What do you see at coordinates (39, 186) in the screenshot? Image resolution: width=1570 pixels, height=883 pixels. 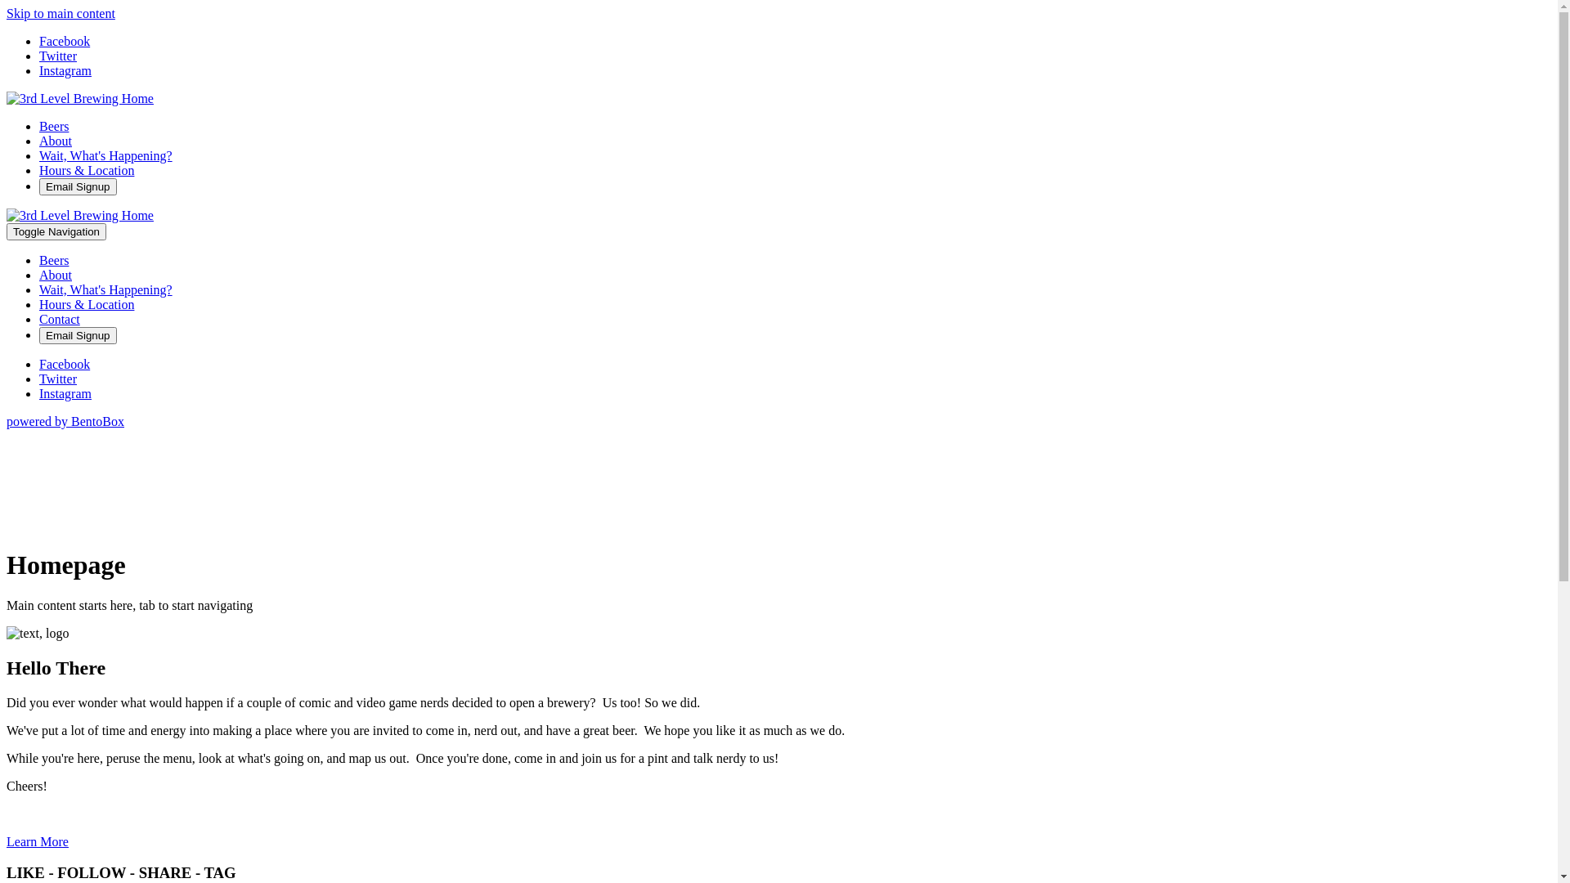 I see `'Email Signup'` at bounding box center [39, 186].